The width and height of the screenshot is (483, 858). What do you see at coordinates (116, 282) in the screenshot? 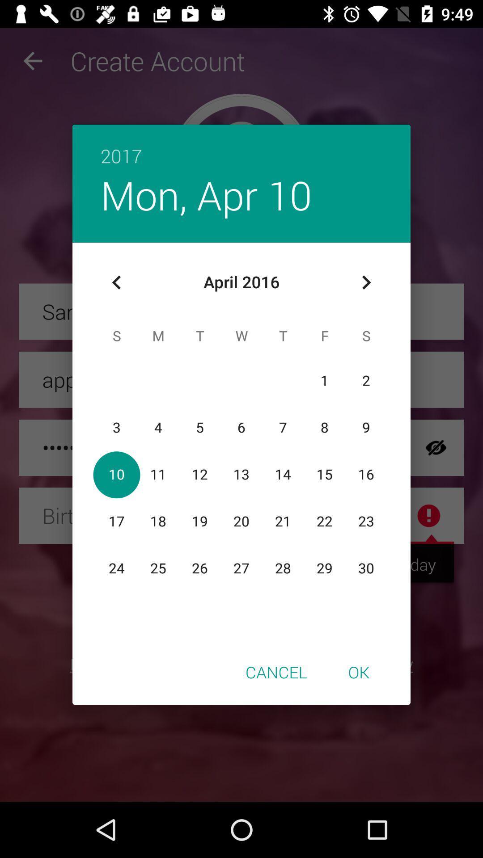
I see `the icon below mon, apr 10 item` at bounding box center [116, 282].